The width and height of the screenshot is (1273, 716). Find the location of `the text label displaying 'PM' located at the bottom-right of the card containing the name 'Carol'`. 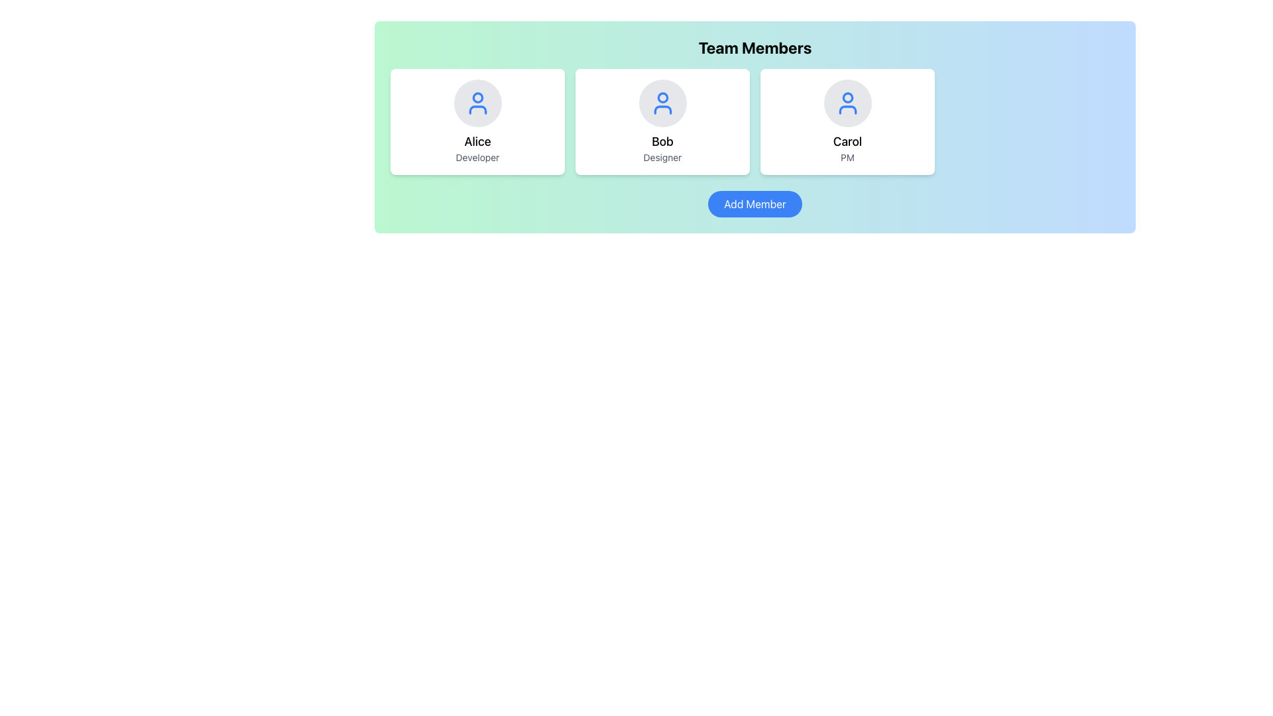

the text label displaying 'PM' located at the bottom-right of the card containing the name 'Carol' is located at coordinates (847, 157).